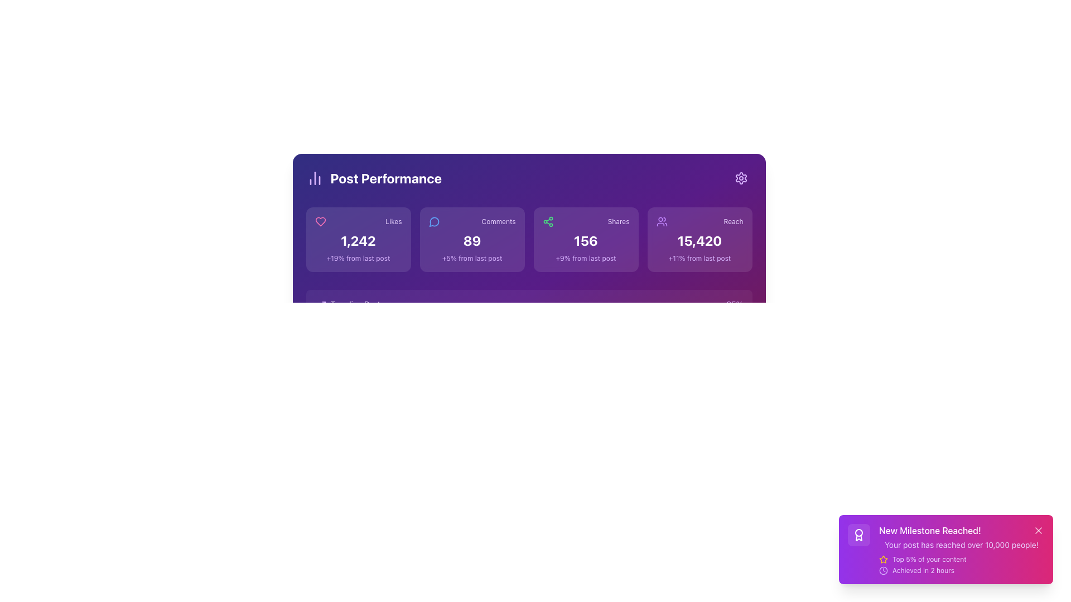 The image size is (1071, 602). I want to click on the gear icon in the upper-right corner of the 'Post Performance' section, so click(741, 178).